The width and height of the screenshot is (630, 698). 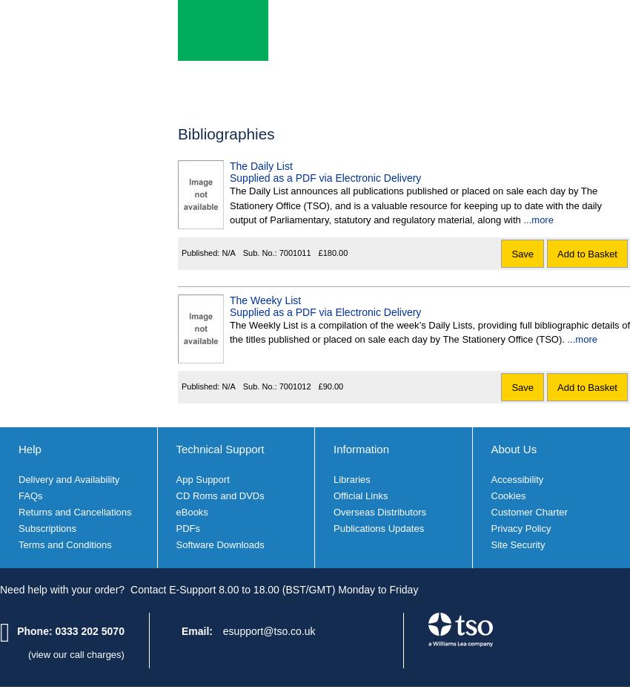 I want to click on 'Email:', so click(x=196, y=630).